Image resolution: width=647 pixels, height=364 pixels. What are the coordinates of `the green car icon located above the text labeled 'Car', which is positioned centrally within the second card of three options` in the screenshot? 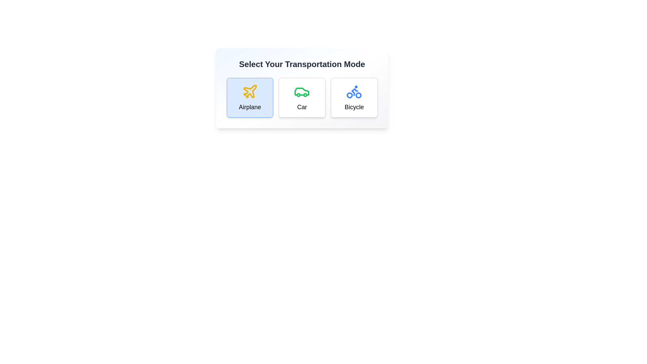 It's located at (302, 92).